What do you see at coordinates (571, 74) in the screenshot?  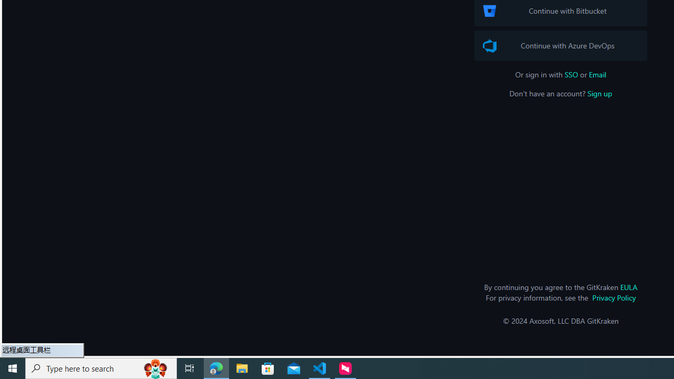 I see `'SSO'` at bounding box center [571, 74].